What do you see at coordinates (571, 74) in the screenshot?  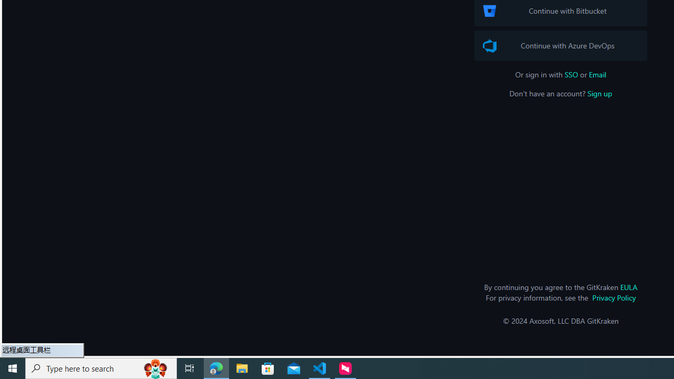 I see `'SSO'` at bounding box center [571, 74].